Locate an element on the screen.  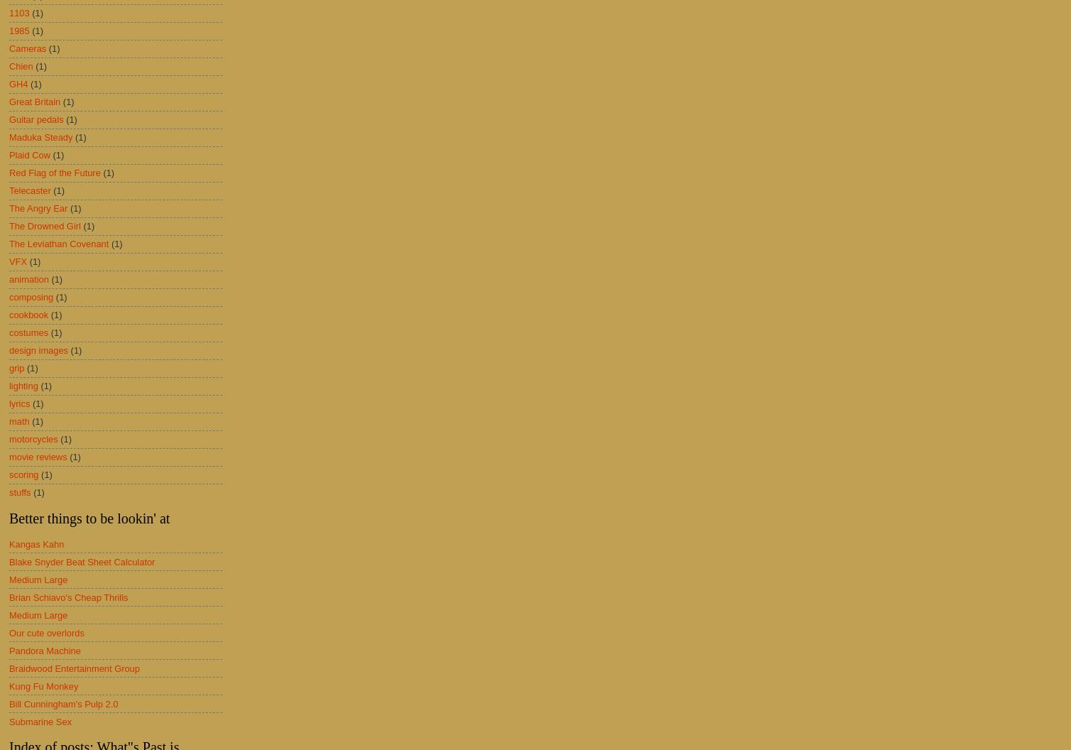
'Chien' is located at coordinates (21, 65).